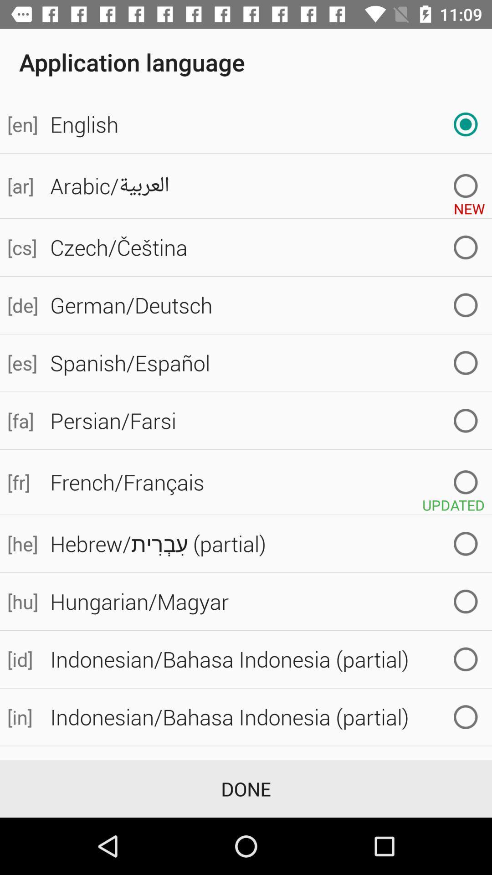 This screenshot has width=492, height=875. What do you see at coordinates (21, 482) in the screenshot?
I see `[fr] item` at bounding box center [21, 482].